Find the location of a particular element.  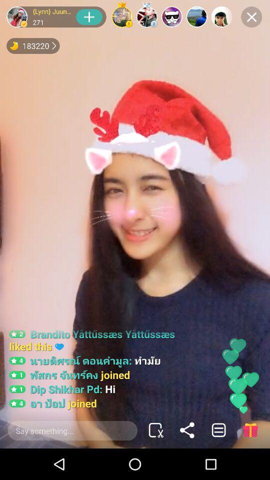

the close icon is located at coordinates (251, 16).